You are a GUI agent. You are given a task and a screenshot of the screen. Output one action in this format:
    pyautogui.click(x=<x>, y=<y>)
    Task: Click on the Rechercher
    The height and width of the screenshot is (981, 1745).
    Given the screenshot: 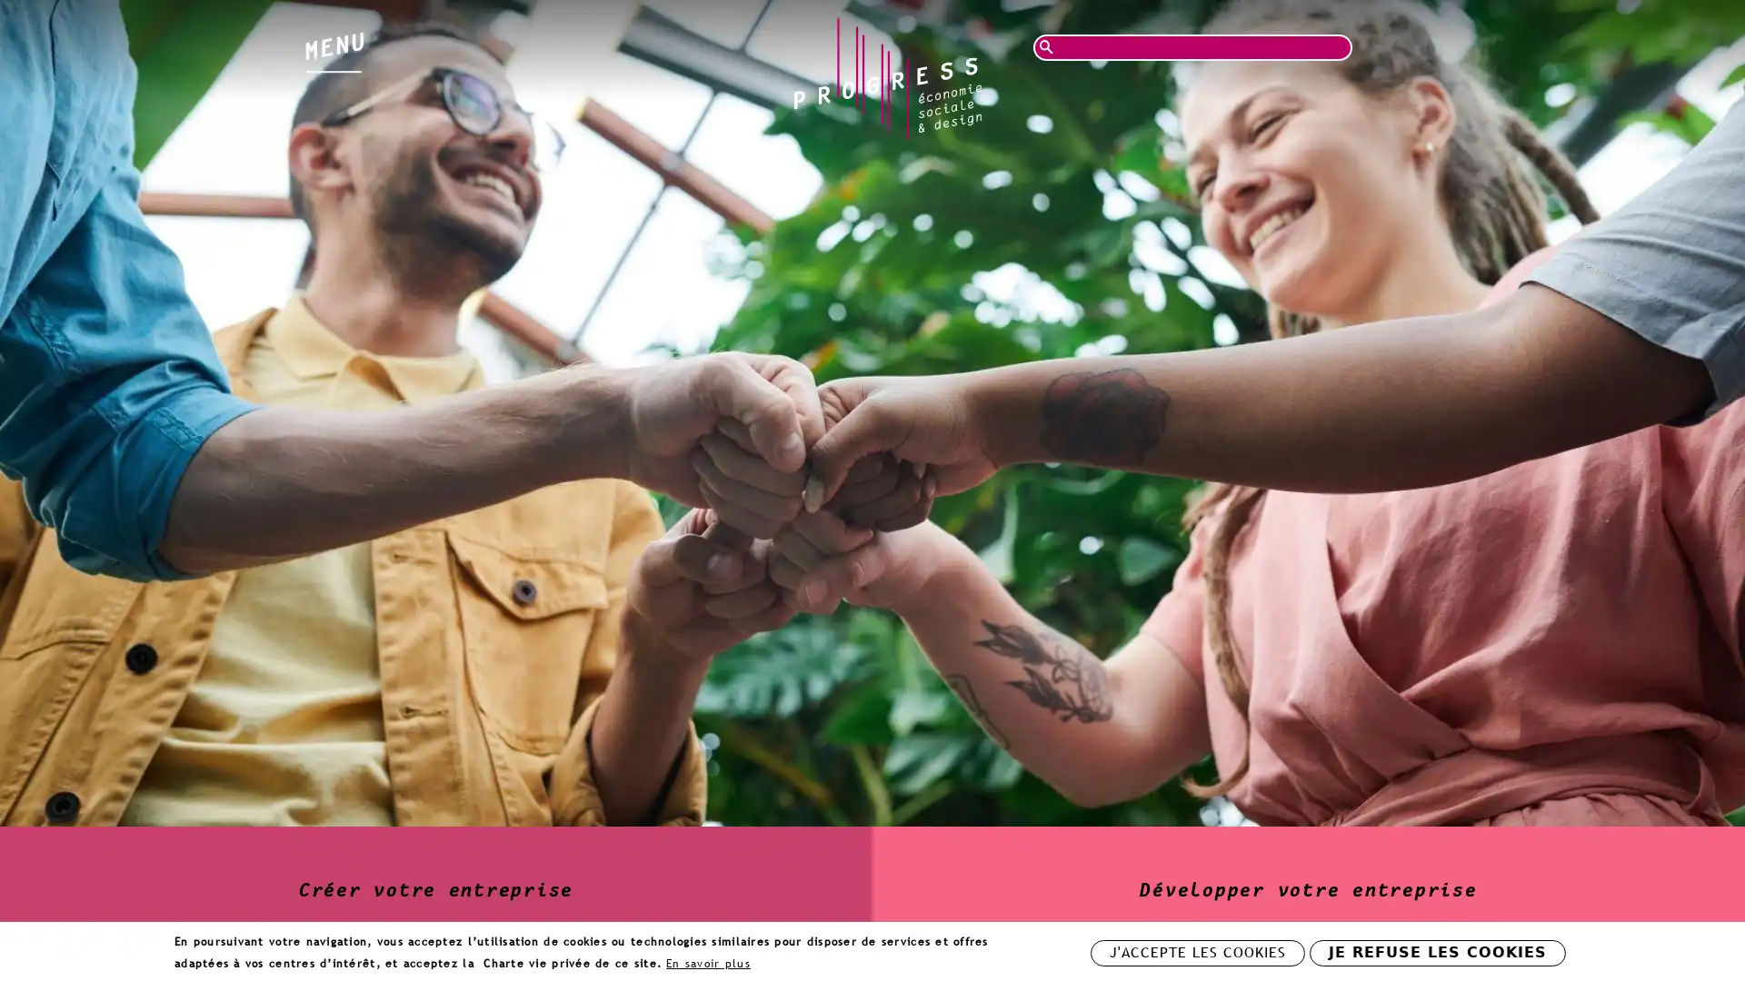 What is the action you would take?
    pyautogui.click(x=1341, y=48)
    